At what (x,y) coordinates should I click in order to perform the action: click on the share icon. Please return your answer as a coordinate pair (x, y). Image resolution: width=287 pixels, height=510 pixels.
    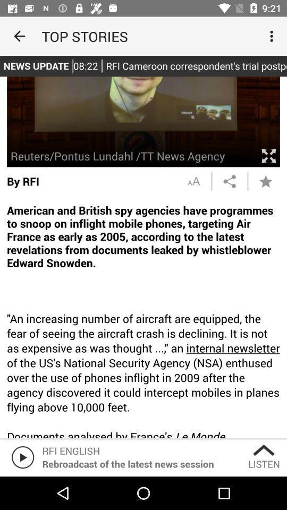
    Looking at the image, I should click on (229, 181).